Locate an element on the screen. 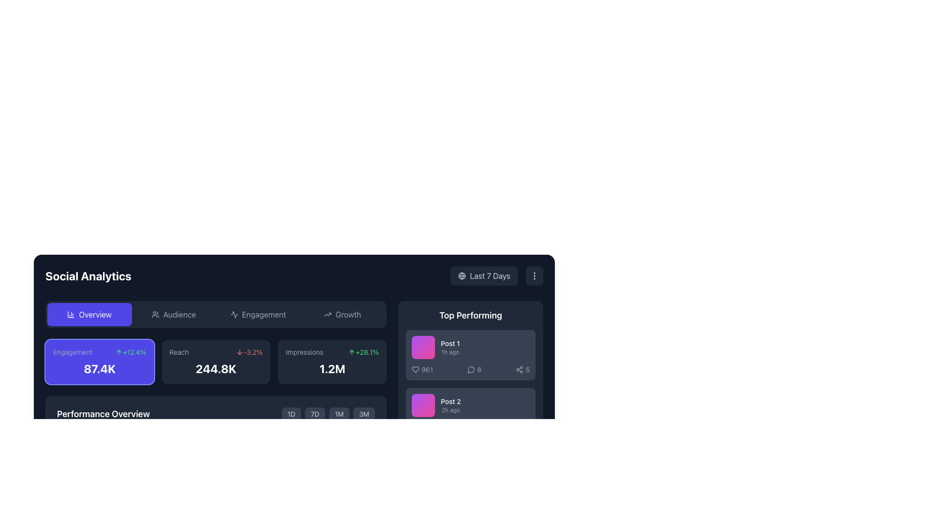 This screenshot has height=522, width=928. the 1-month range selector button located below the 'Performance Overview' heading, which is the third button in a row of four buttons is located at coordinates (339, 413).